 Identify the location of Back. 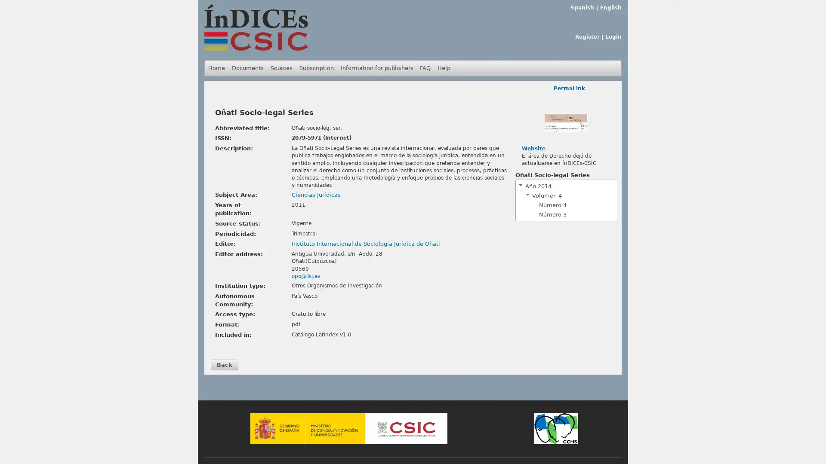
(225, 365).